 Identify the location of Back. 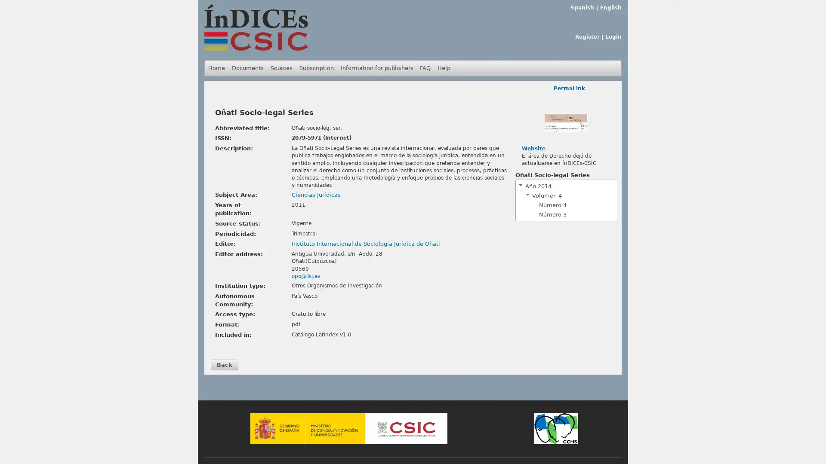
(225, 365).